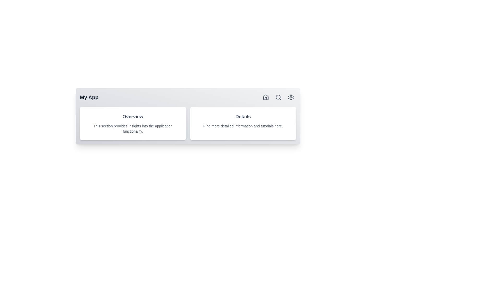 This screenshot has width=501, height=282. Describe the element at coordinates (278, 97) in the screenshot. I see `the second icon in the lineup of three interactive icons at the top-right corner of 'My App', which is represented by a magnifying glass symbol` at that location.